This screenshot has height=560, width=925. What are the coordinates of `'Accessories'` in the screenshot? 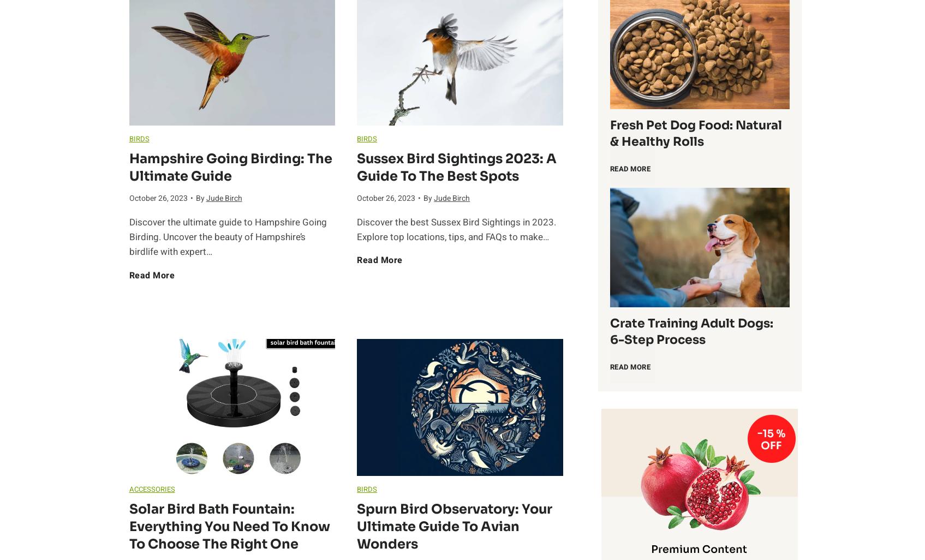 It's located at (151, 488).